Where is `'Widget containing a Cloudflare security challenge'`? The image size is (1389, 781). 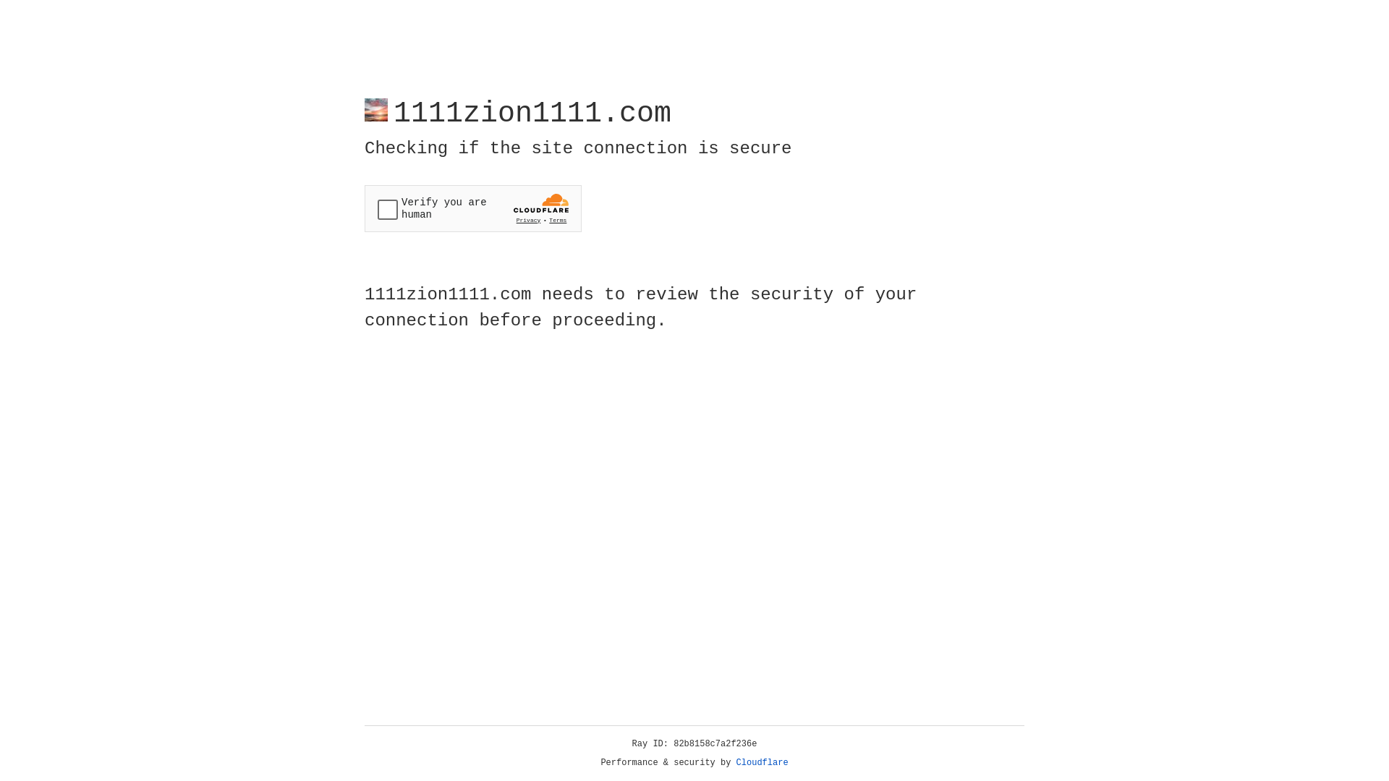 'Widget containing a Cloudflare security challenge' is located at coordinates (472, 208).